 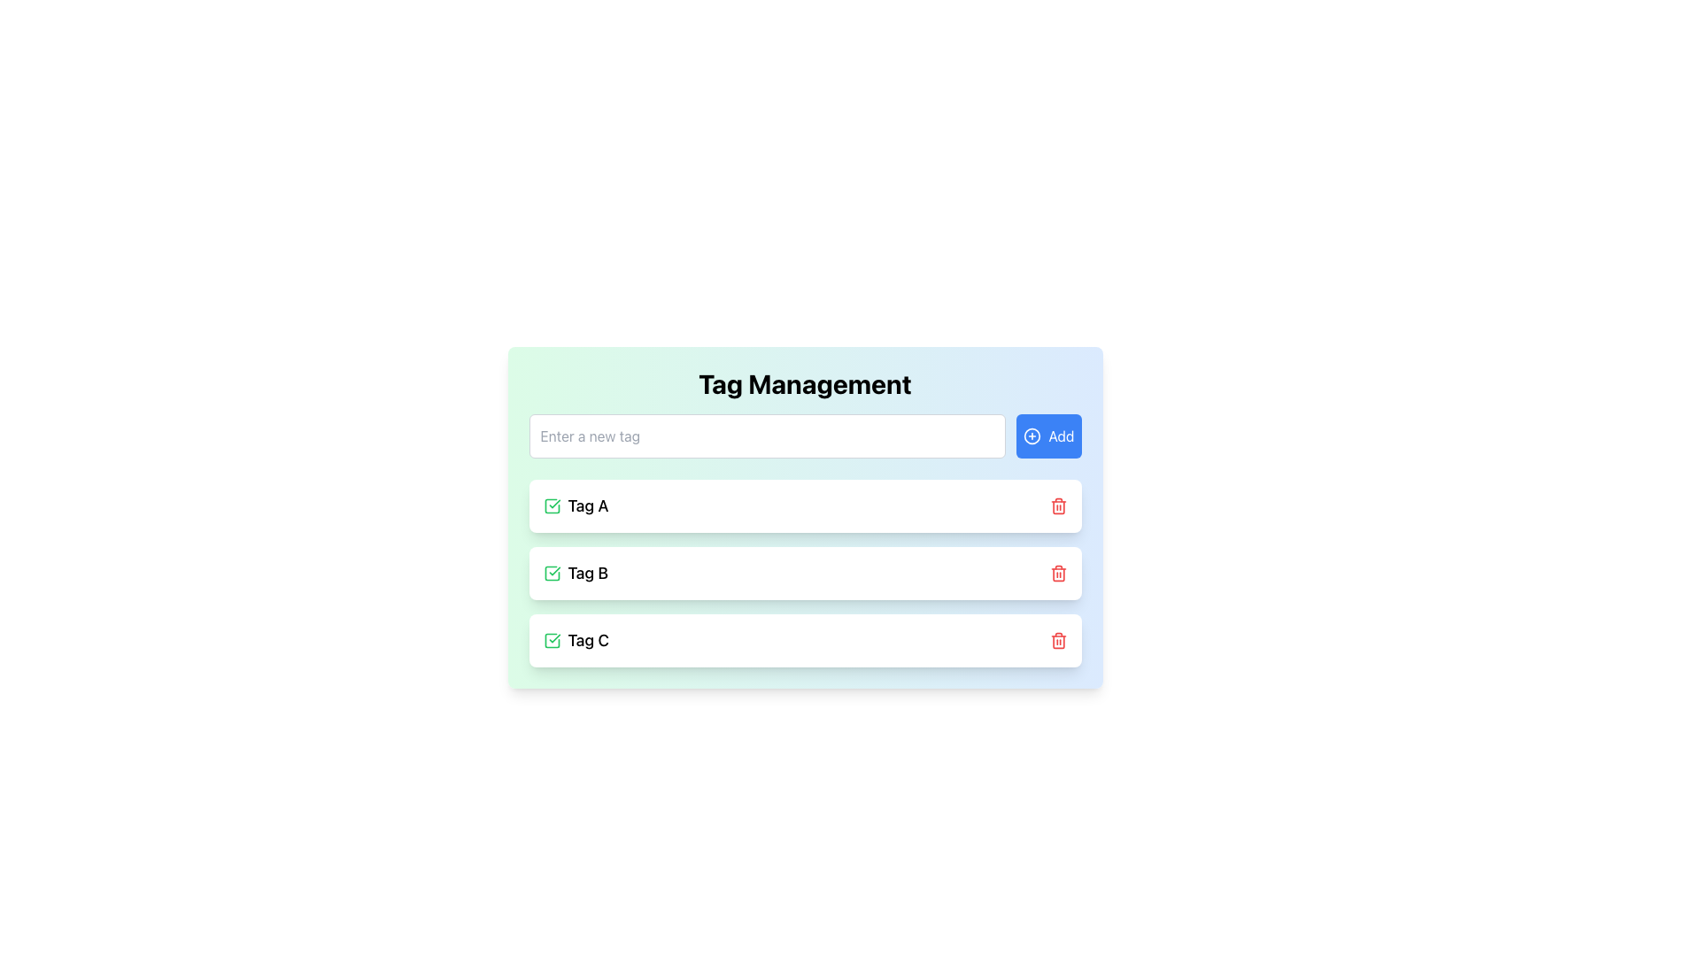 I want to click on the vertical line element of the red trash icon, which is located to the right-hand side of each tag row and is the middle component of the trashcan icon, so click(x=1058, y=574).